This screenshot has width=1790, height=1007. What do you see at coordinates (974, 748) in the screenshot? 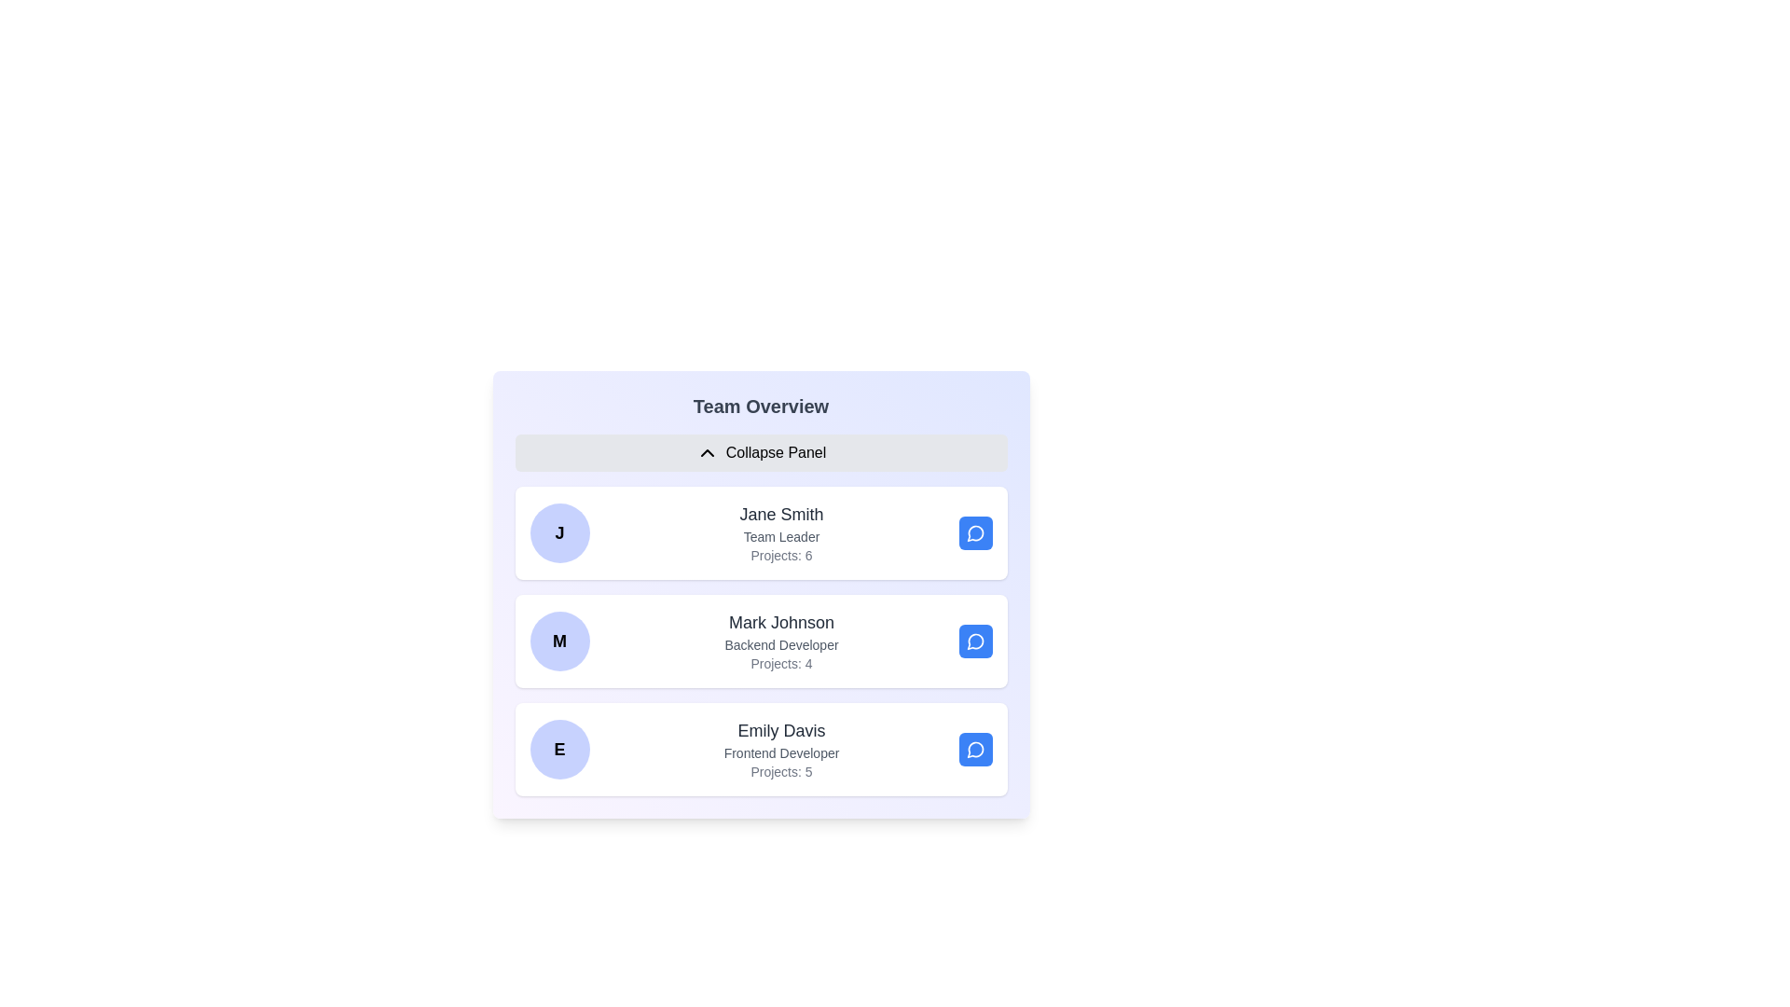
I see `the circular blue icon with a white speech bubble outline located in the third entry of the 'Team Overview' list for 'Emily Davis, Frontend Developer, Projects: 5'` at bounding box center [974, 748].